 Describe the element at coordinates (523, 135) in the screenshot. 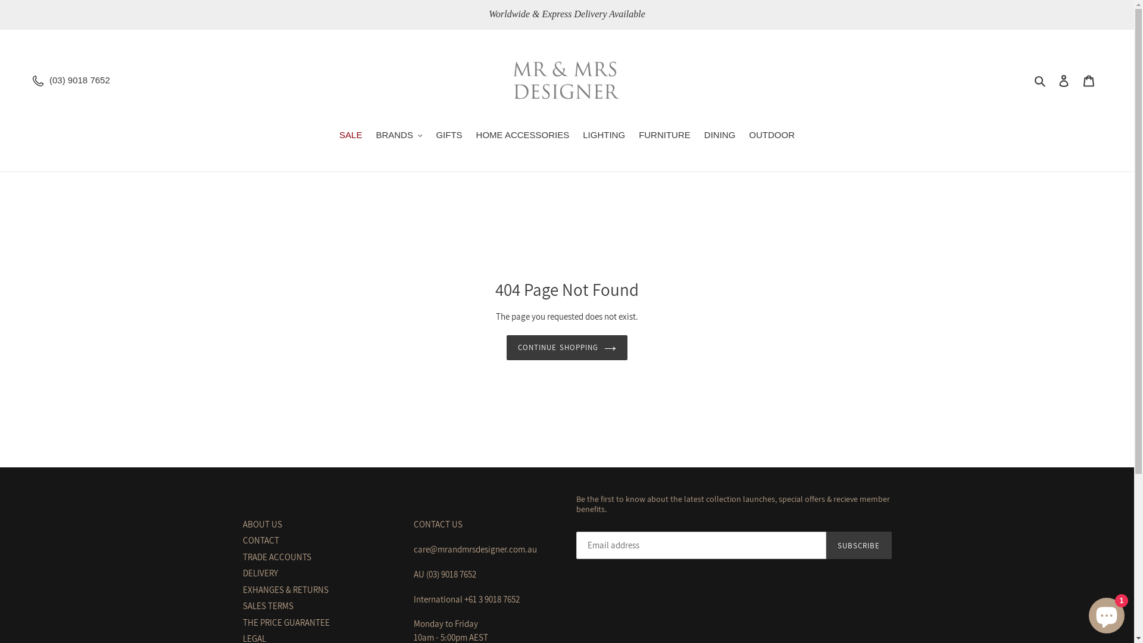

I see `'HOME ACCESSORIES'` at that location.